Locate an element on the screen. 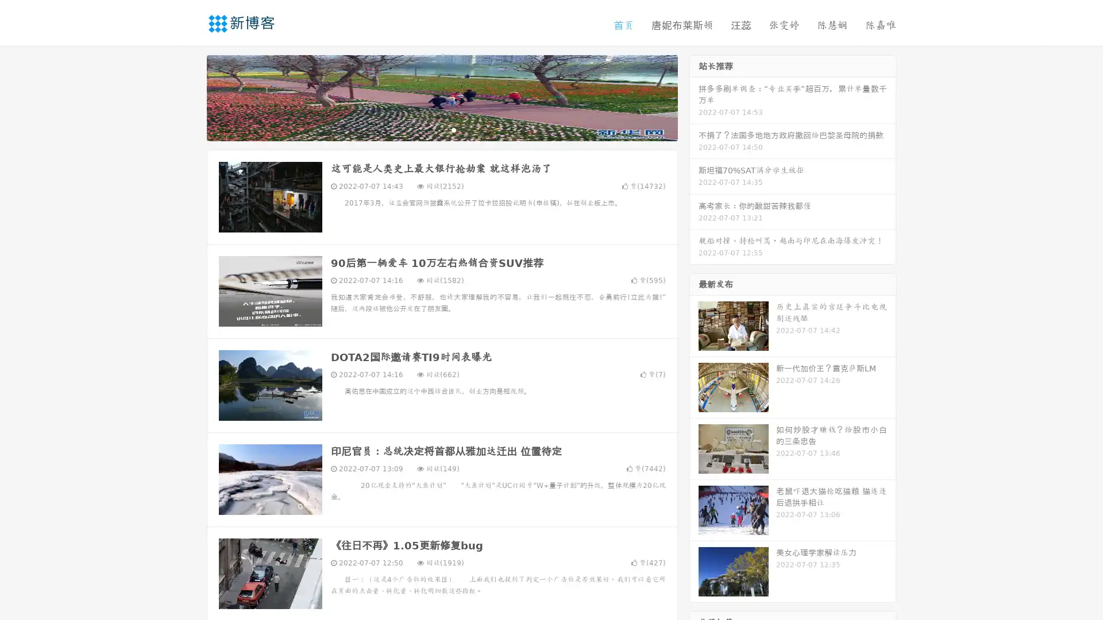 This screenshot has height=620, width=1103. Go to slide 3 is located at coordinates (453, 129).